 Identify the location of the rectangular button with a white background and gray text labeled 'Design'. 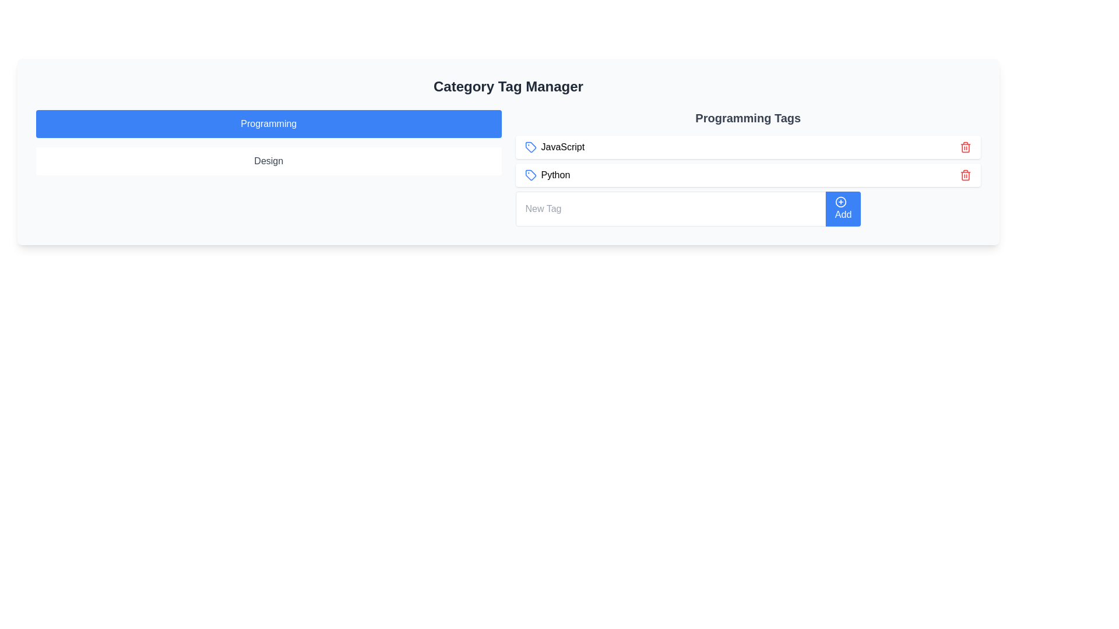
(268, 161).